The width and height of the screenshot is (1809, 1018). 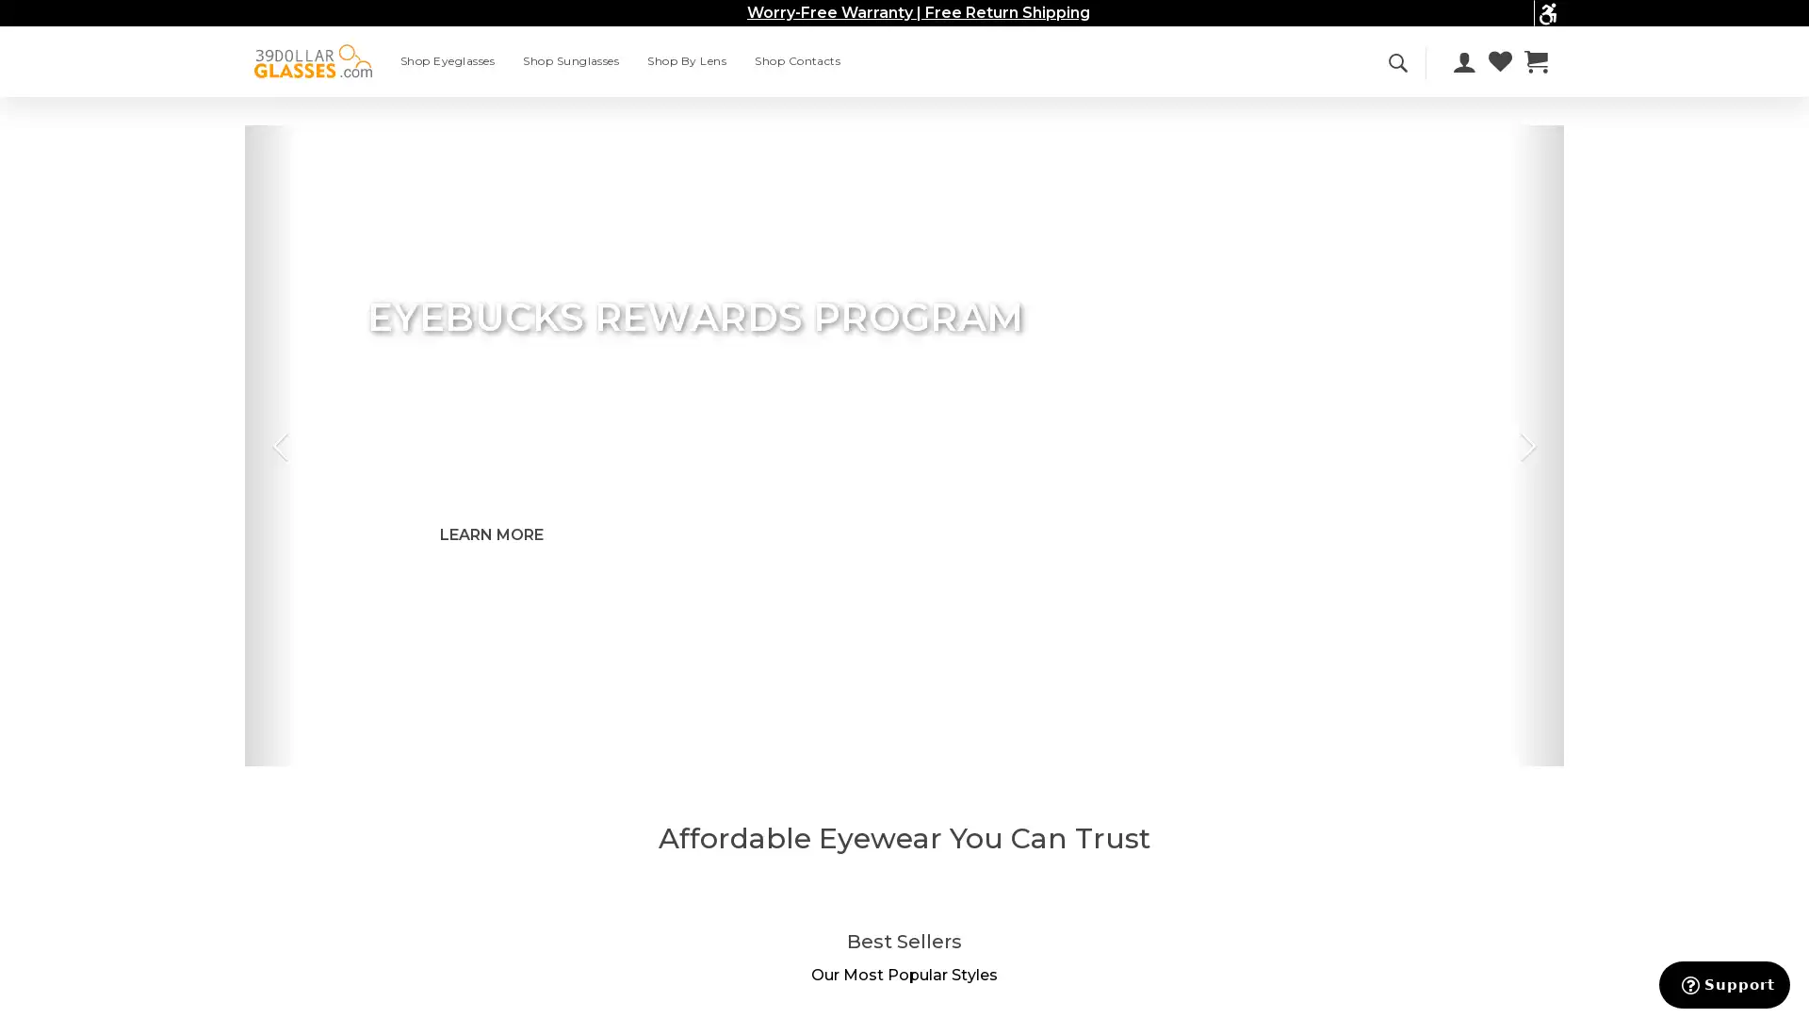 What do you see at coordinates (270, 446) in the screenshot?
I see `Previous` at bounding box center [270, 446].